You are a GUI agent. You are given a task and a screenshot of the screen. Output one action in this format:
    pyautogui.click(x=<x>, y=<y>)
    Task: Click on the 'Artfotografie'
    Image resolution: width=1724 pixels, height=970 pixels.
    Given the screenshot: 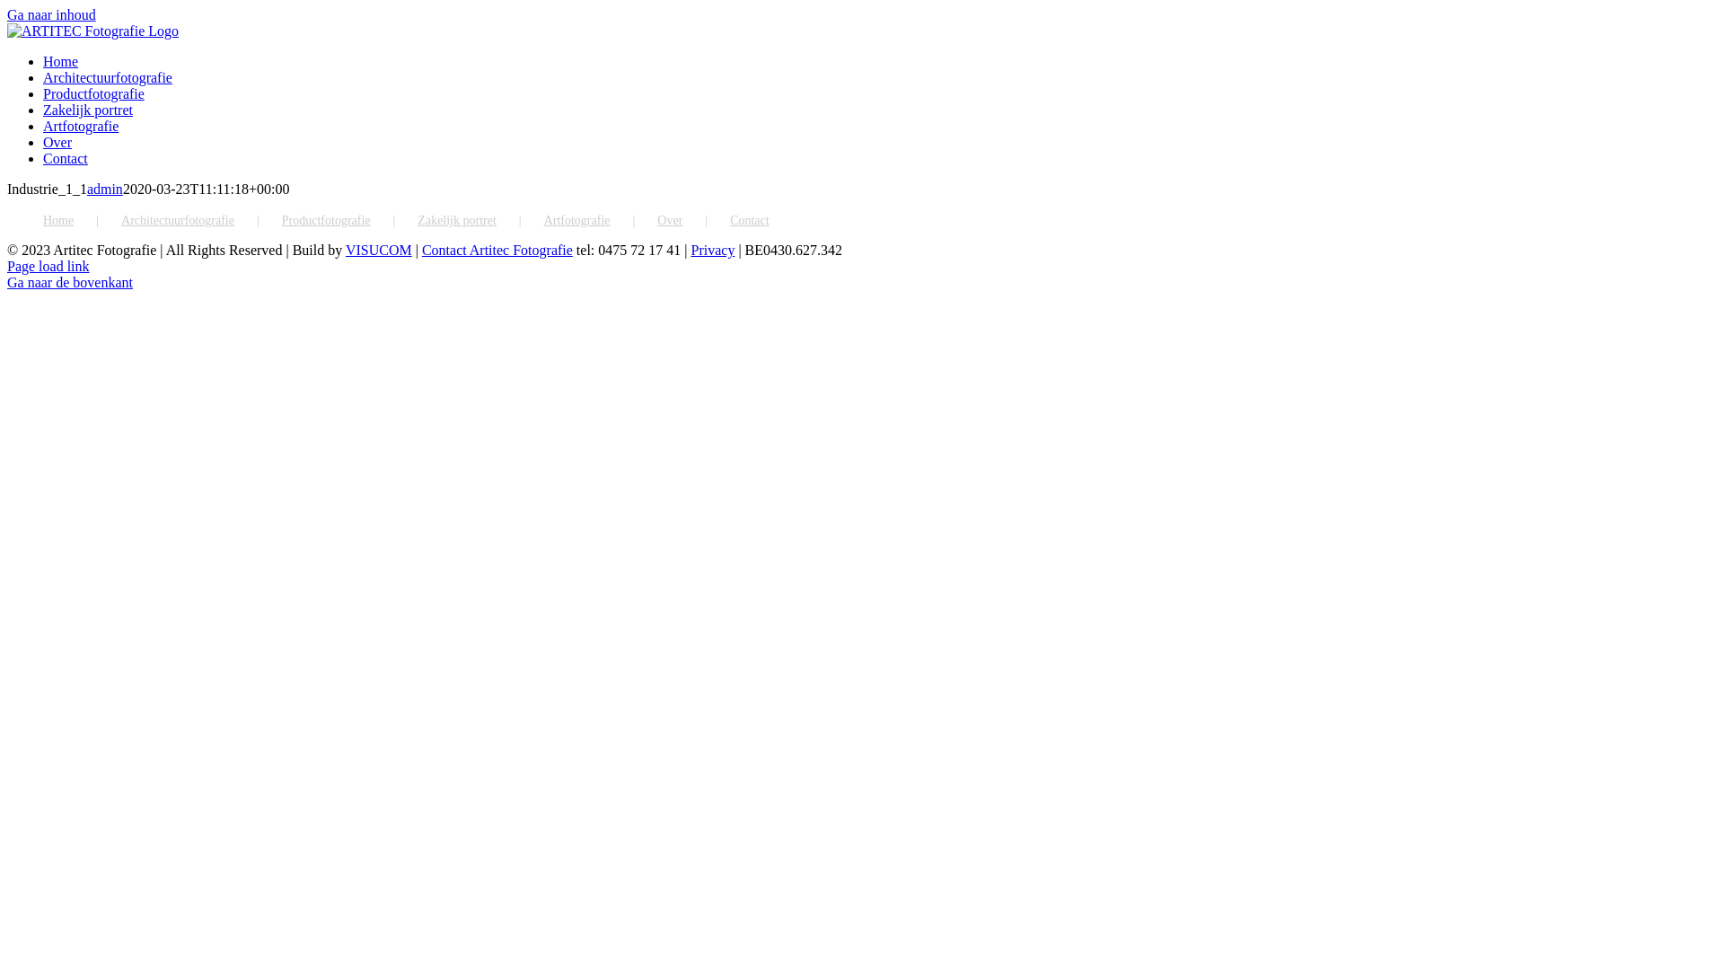 What is the action you would take?
    pyautogui.click(x=80, y=125)
    